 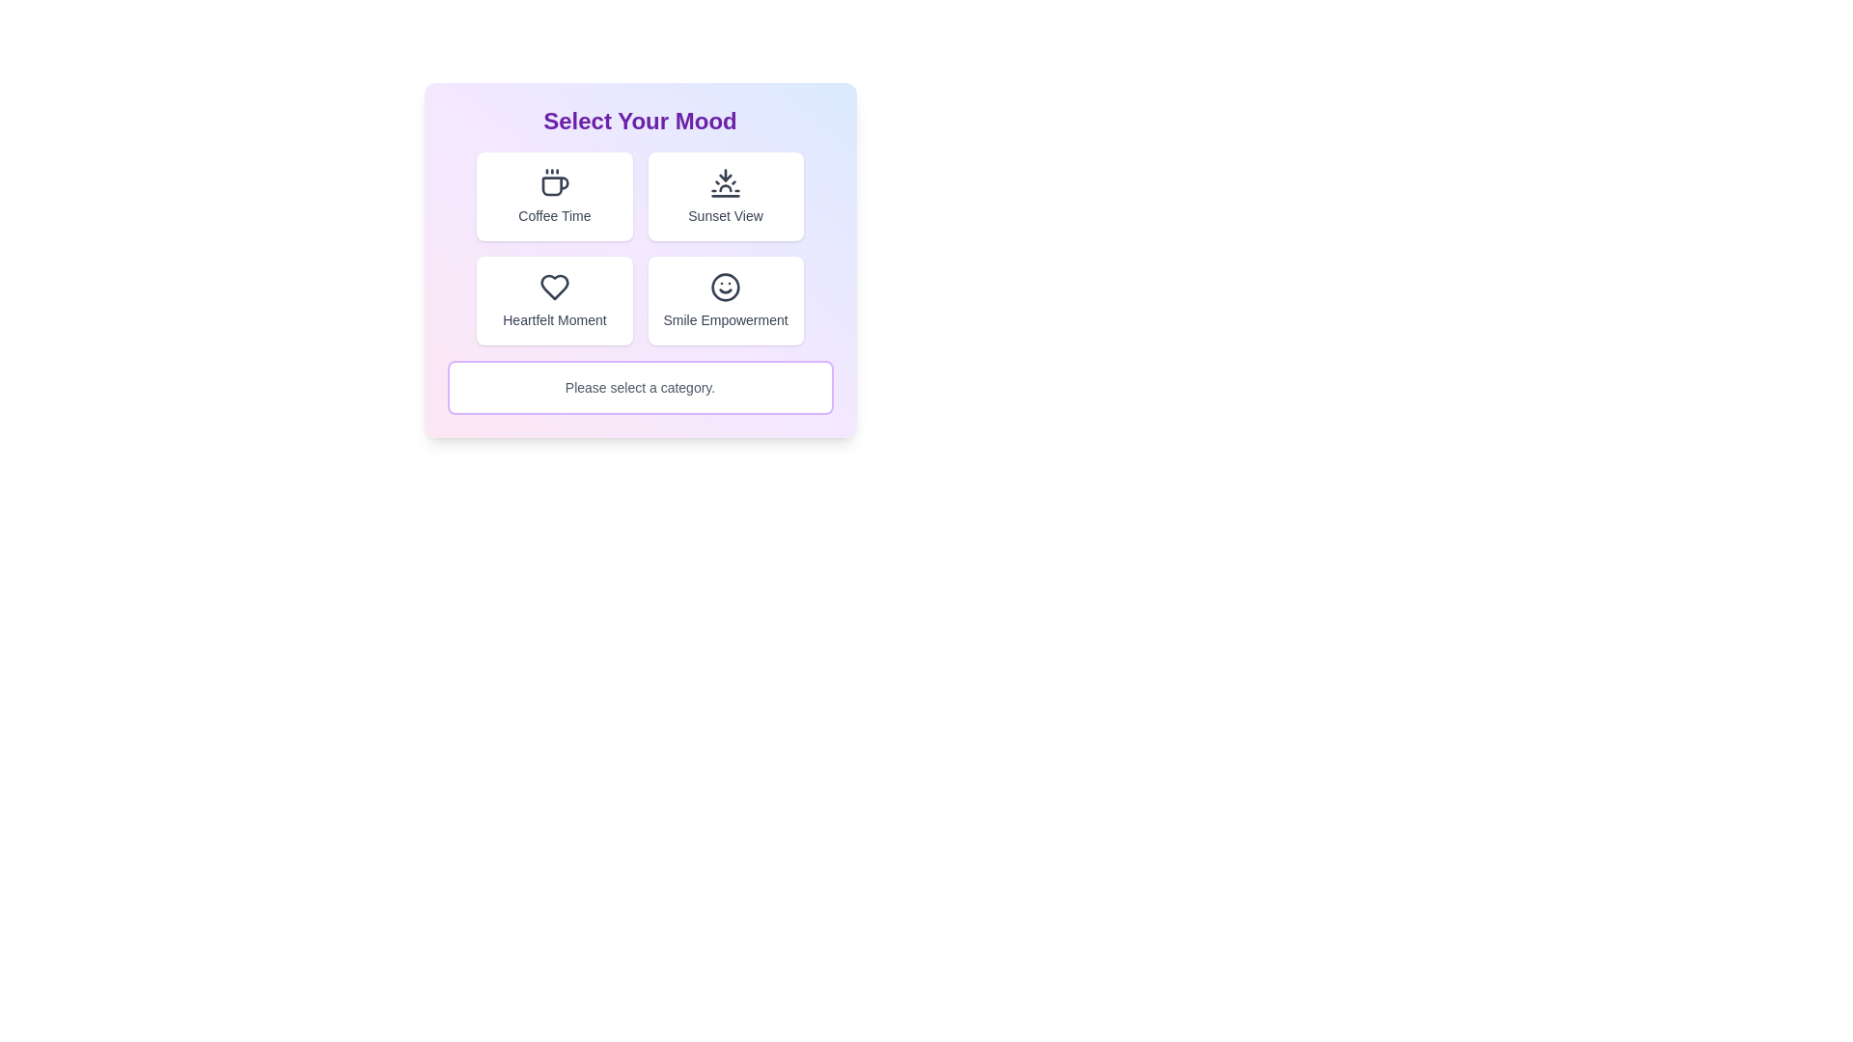 What do you see at coordinates (553, 318) in the screenshot?
I see `text label that says 'Heartfelt Moment' located in the bottom-left selectable card of the UI, positioned below a heart-shaped icon` at bounding box center [553, 318].